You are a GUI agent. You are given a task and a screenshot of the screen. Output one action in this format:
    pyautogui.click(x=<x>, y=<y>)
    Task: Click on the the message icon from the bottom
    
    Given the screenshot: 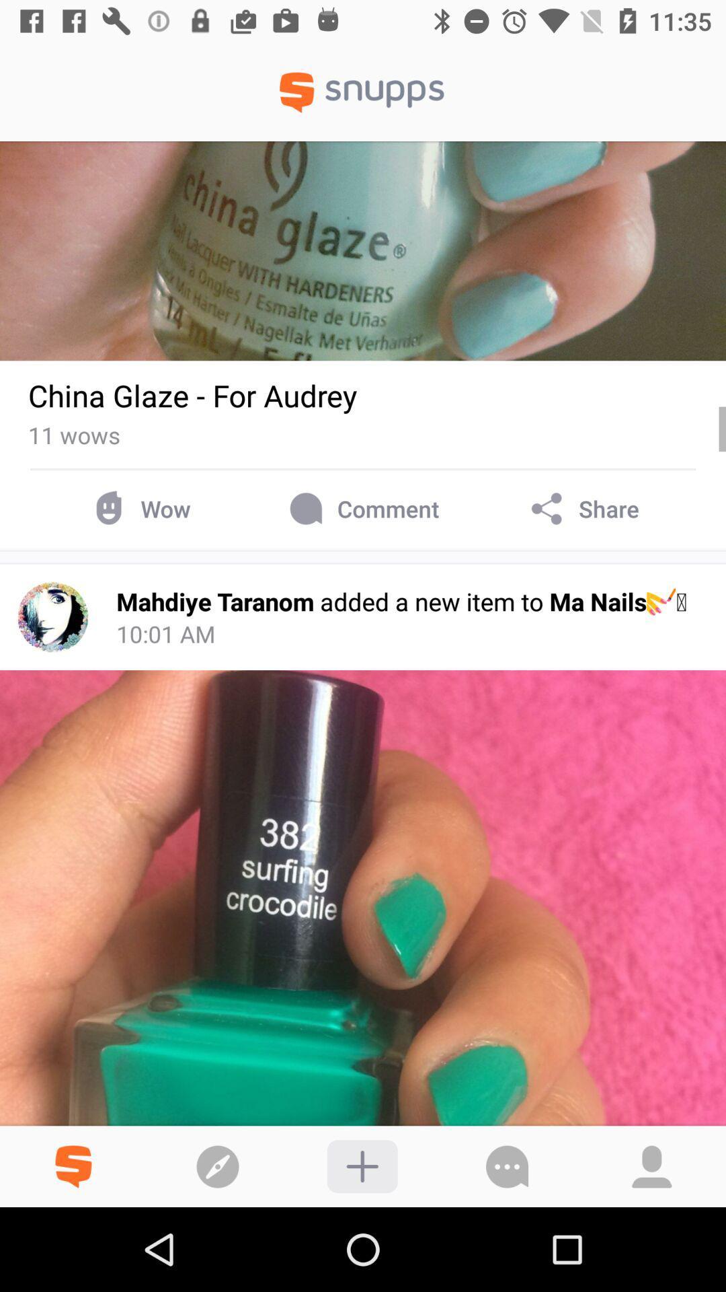 What is the action you would take?
    pyautogui.click(x=508, y=1165)
    